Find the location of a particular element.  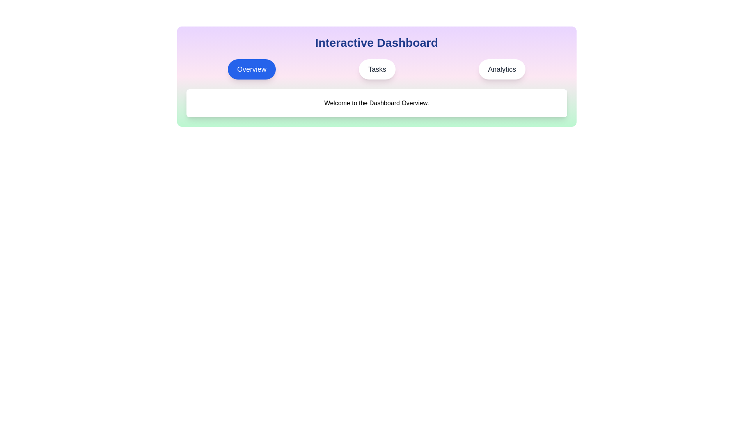

the tab labeled Overview to observe its hover effect is located at coordinates (252, 69).